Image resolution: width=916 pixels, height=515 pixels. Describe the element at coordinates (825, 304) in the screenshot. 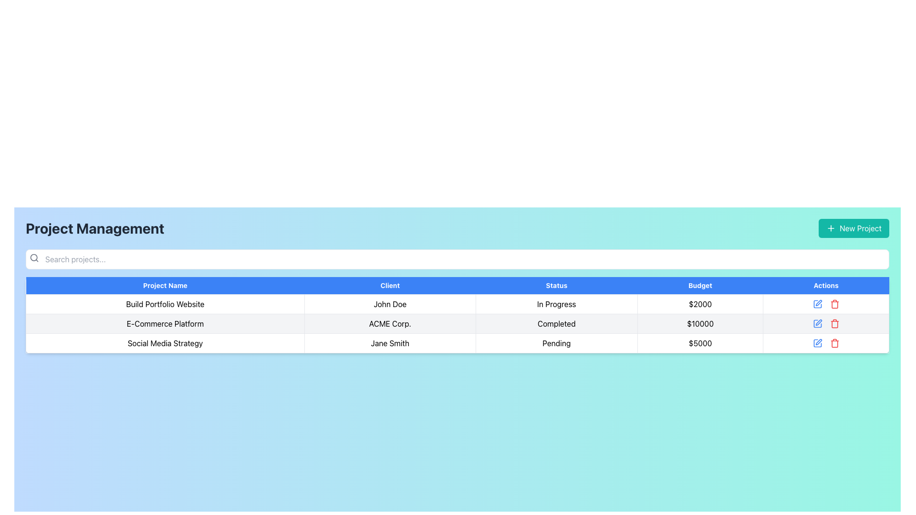

I see `the red trash can icon in the Interactive icon group within the table cell under the 'Actions' column for the 'Build Portfolio Website' project` at that location.